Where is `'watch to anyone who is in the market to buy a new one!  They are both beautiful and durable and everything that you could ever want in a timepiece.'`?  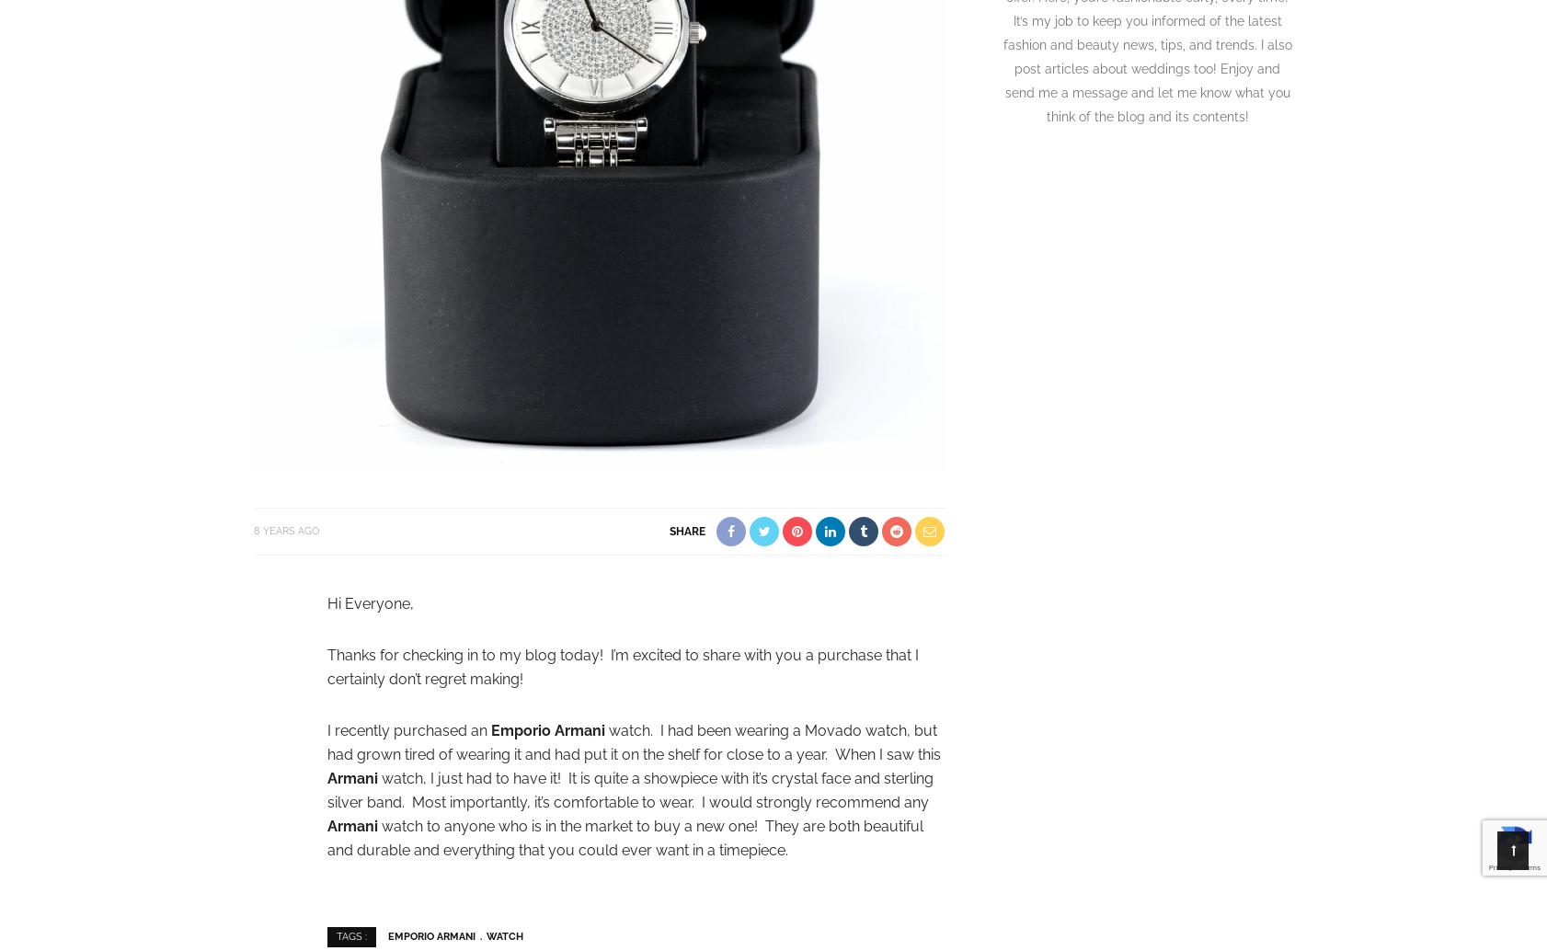 'watch to anyone who is in the market to buy a new one!  They are both beautiful and durable and everything that you could ever want in a timepiece.' is located at coordinates (625, 837).